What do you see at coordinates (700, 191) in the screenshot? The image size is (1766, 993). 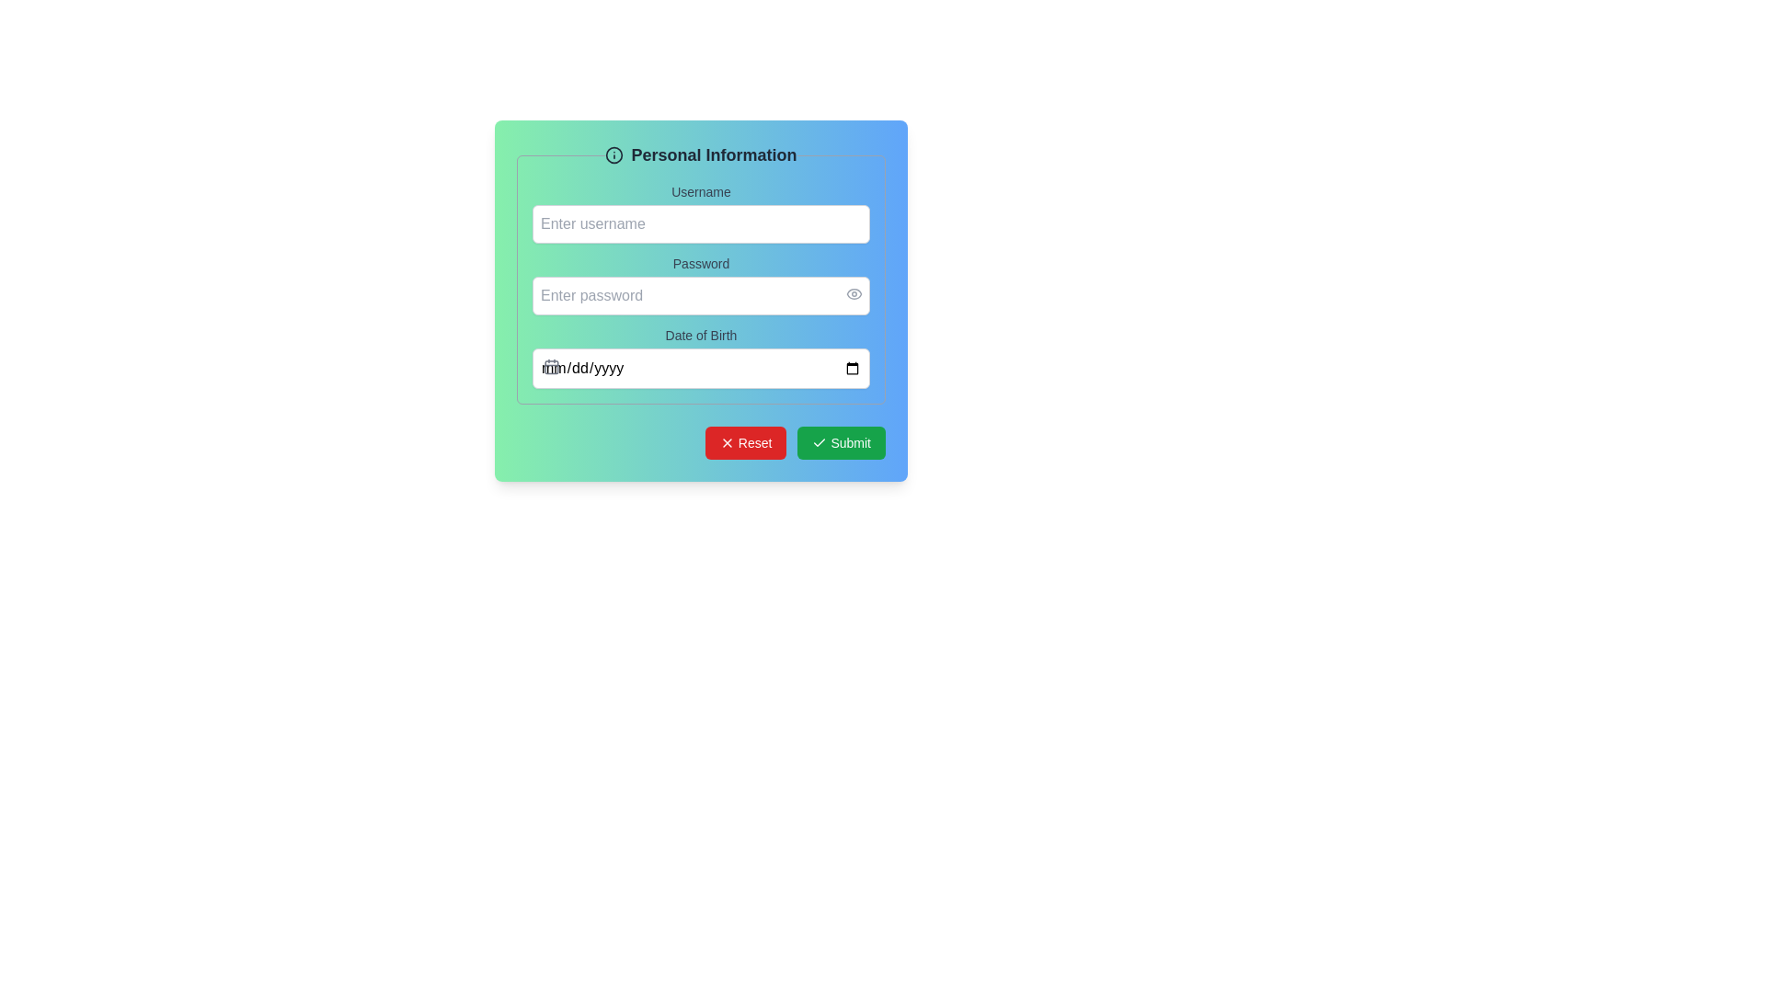 I see `the Text Label that identifies the purpose of the adjacent 'Enter username' input field in the 'Personal Information' form` at bounding box center [700, 191].